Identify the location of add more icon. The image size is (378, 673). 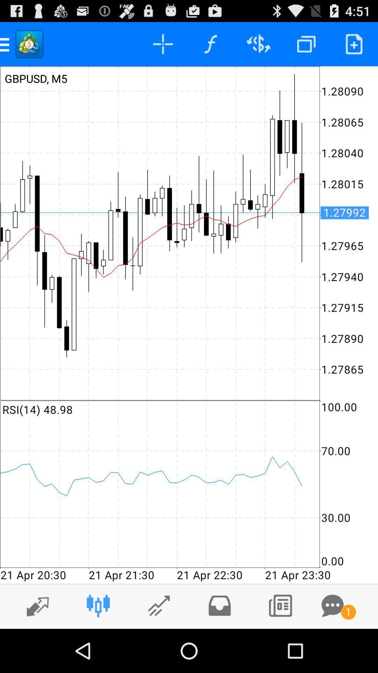
(354, 43).